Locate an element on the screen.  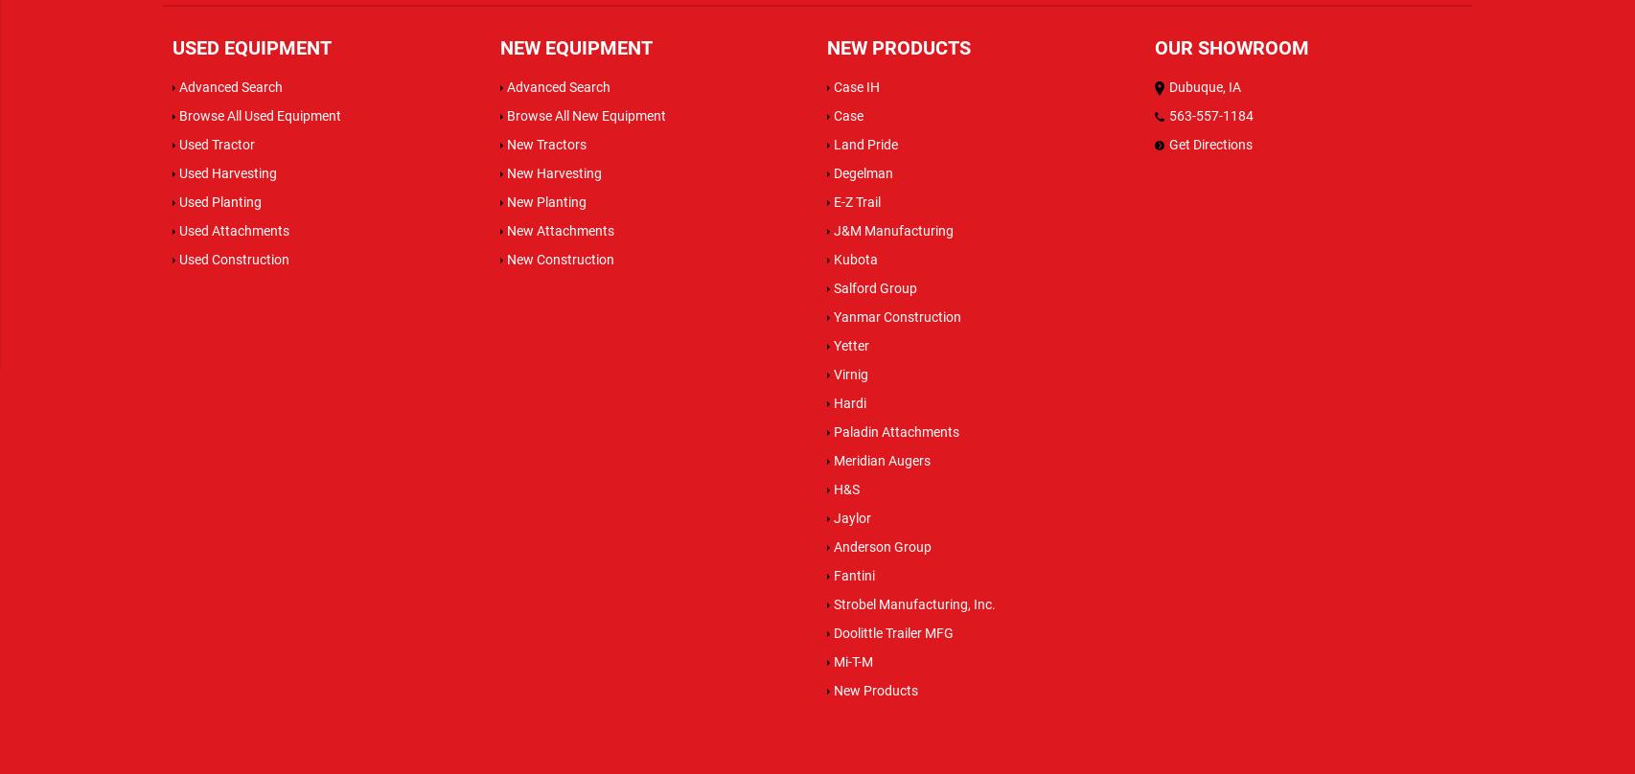
'563-557-1184' is located at coordinates (1209, 113).